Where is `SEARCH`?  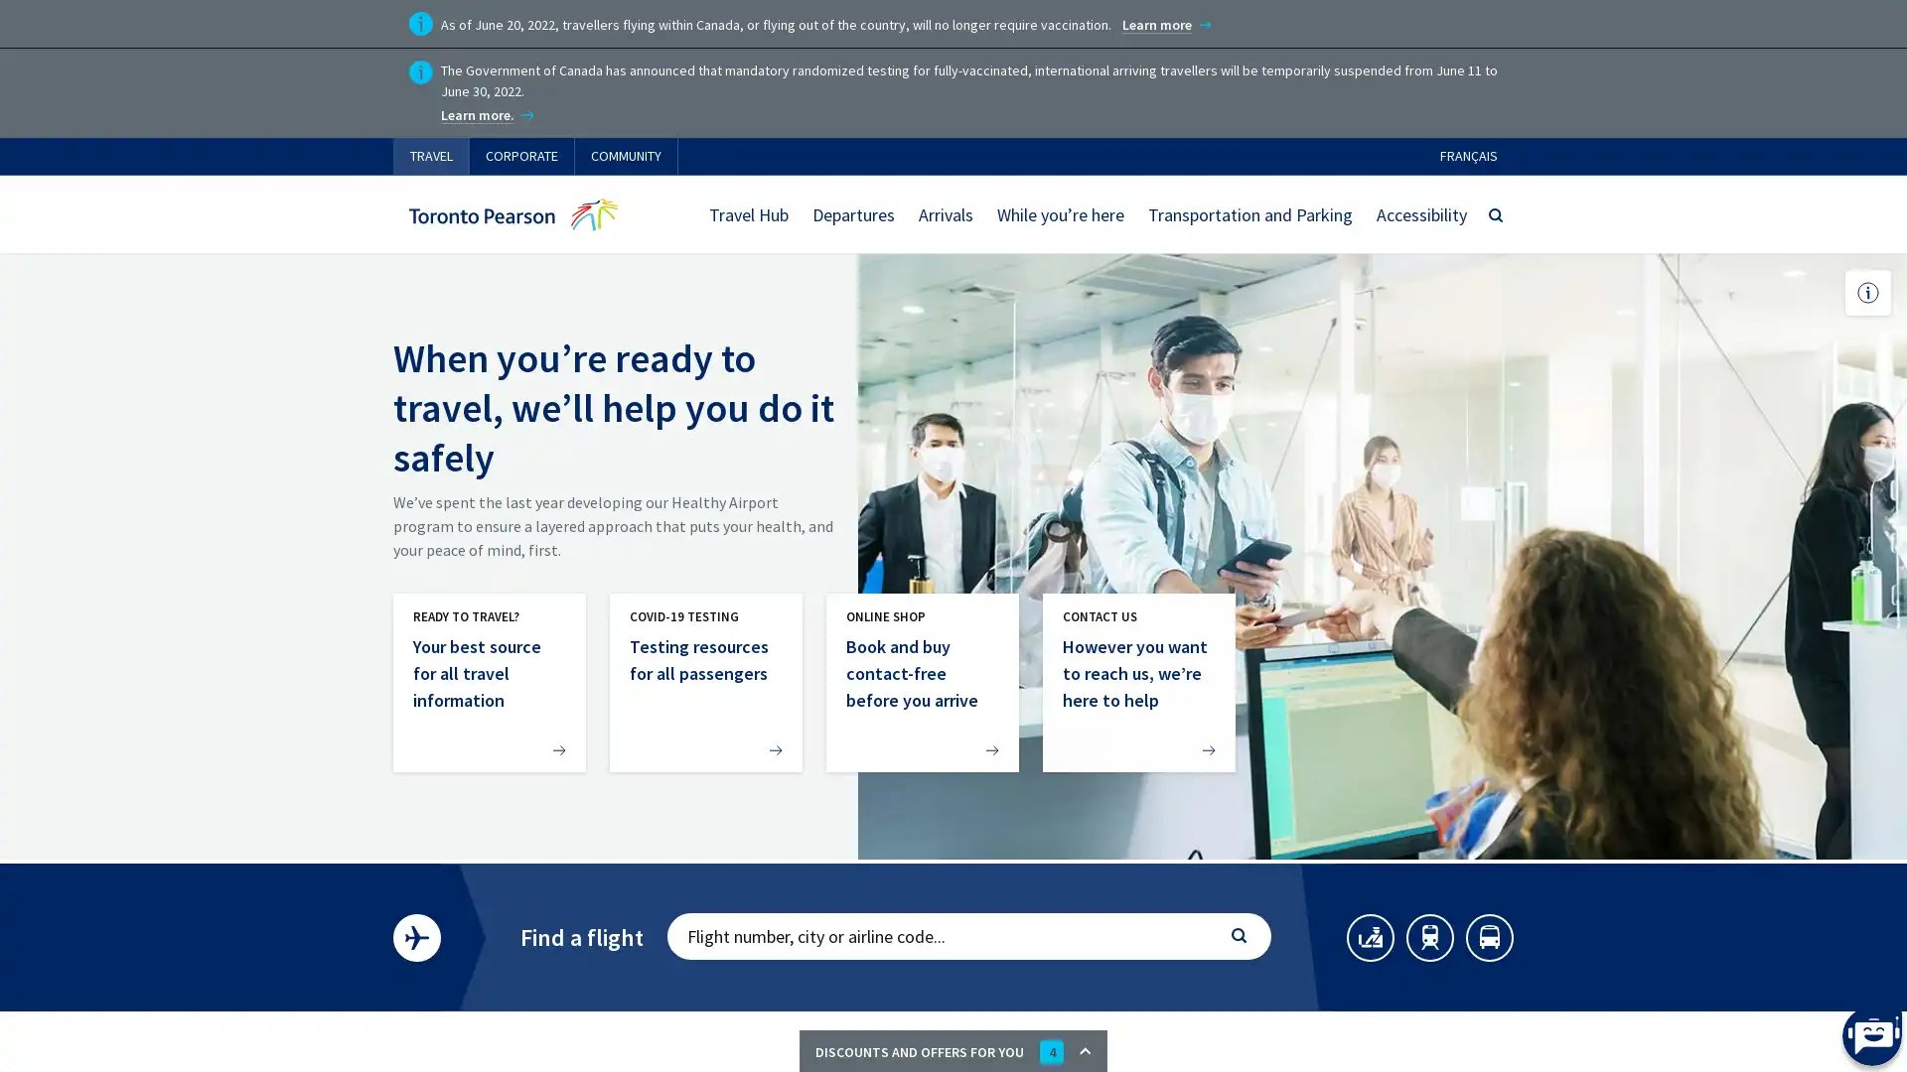
SEARCH is located at coordinates (1496, 214).